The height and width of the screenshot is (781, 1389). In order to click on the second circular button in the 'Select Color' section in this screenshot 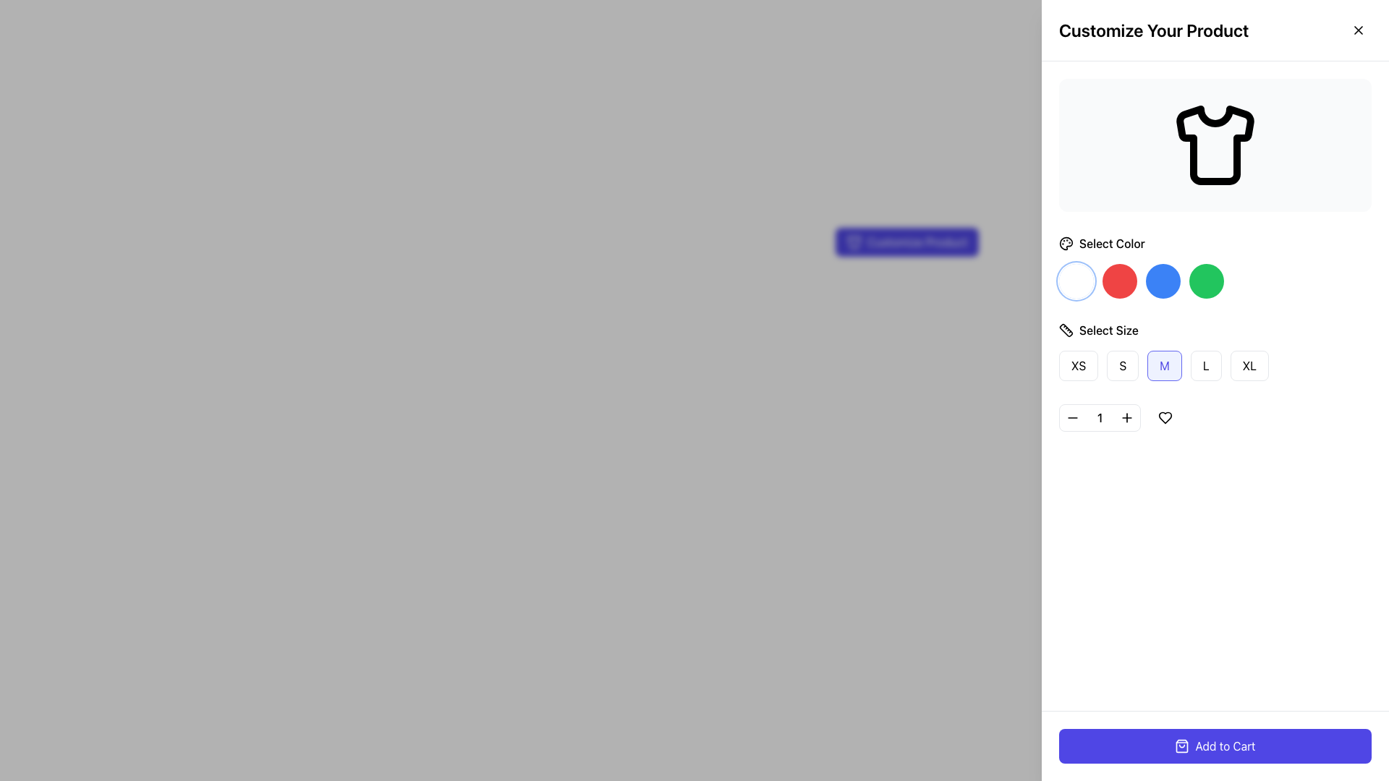, I will do `click(1119, 281)`.